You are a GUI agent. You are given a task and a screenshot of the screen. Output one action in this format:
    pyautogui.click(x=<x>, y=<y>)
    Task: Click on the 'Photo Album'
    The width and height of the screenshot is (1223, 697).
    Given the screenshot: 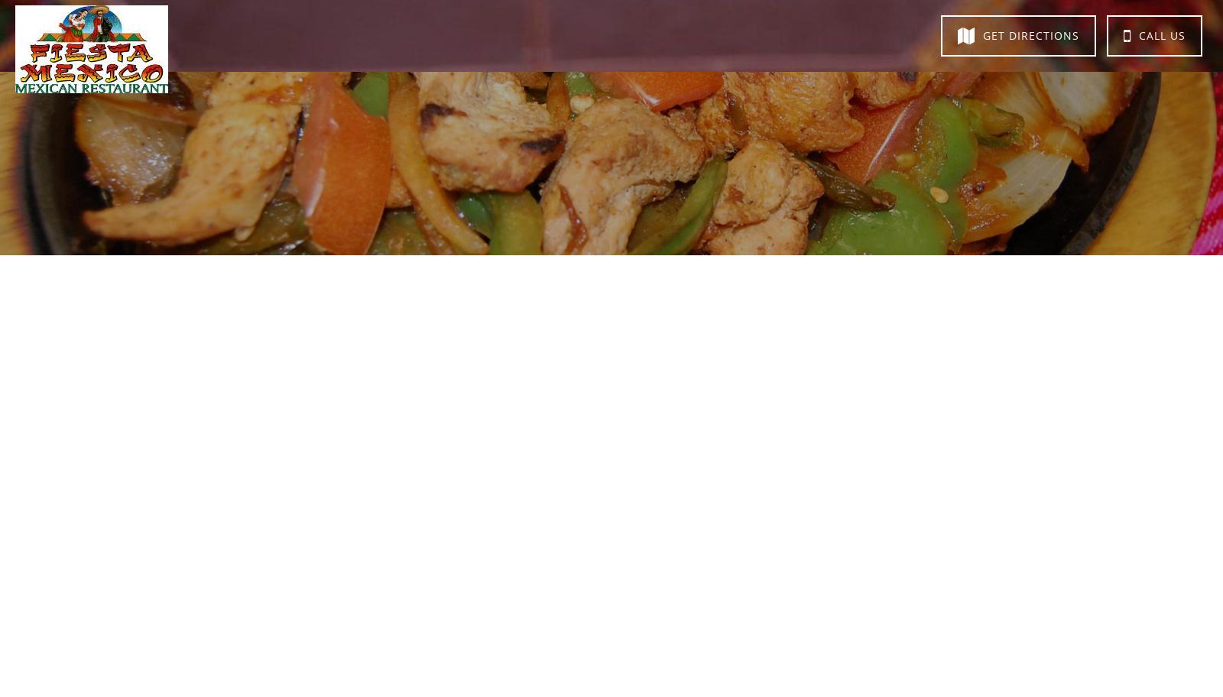 What is the action you would take?
    pyautogui.click(x=633, y=33)
    